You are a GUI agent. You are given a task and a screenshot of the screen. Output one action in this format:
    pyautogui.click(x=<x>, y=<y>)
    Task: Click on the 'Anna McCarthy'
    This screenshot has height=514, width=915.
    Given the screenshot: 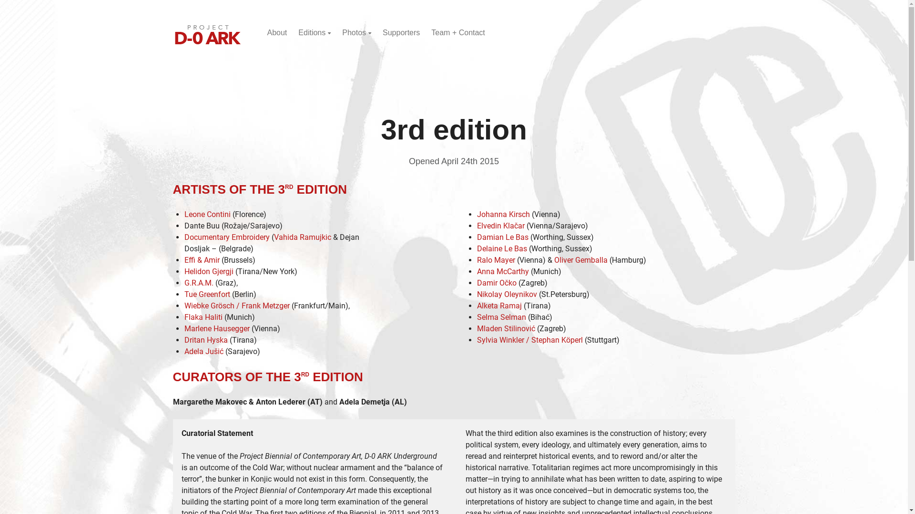 What is the action you would take?
    pyautogui.click(x=502, y=271)
    